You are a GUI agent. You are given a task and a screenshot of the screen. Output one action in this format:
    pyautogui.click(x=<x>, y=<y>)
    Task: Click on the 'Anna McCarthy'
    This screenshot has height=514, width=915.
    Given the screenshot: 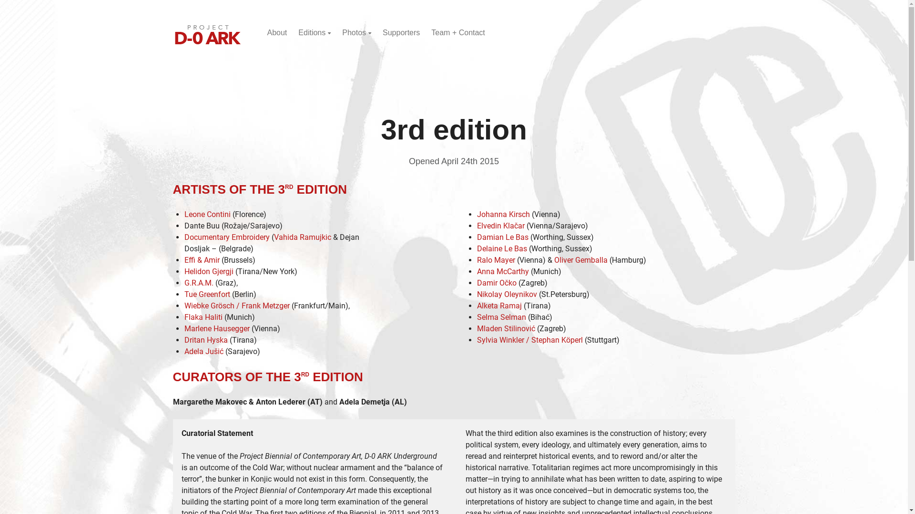 What is the action you would take?
    pyautogui.click(x=502, y=271)
    